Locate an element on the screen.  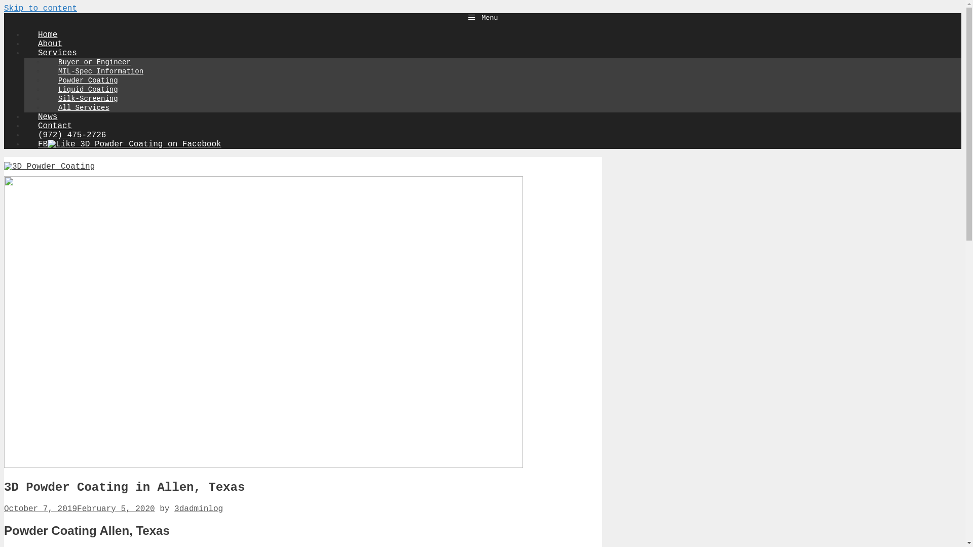
'MIL-Spec Information' is located at coordinates (100, 71).